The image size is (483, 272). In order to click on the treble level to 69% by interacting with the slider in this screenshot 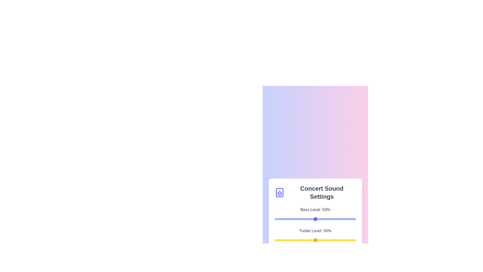, I will do `click(331, 240)`.